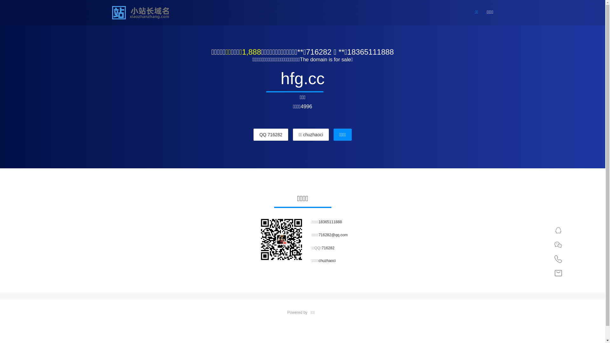 The image size is (610, 343). Describe the element at coordinates (253, 134) in the screenshot. I see `'QQ 716282'` at that location.